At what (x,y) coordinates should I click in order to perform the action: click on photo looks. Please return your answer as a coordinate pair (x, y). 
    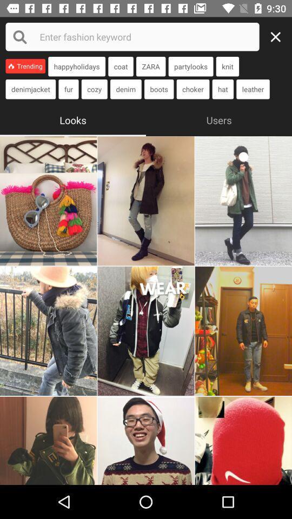
    Looking at the image, I should click on (146, 330).